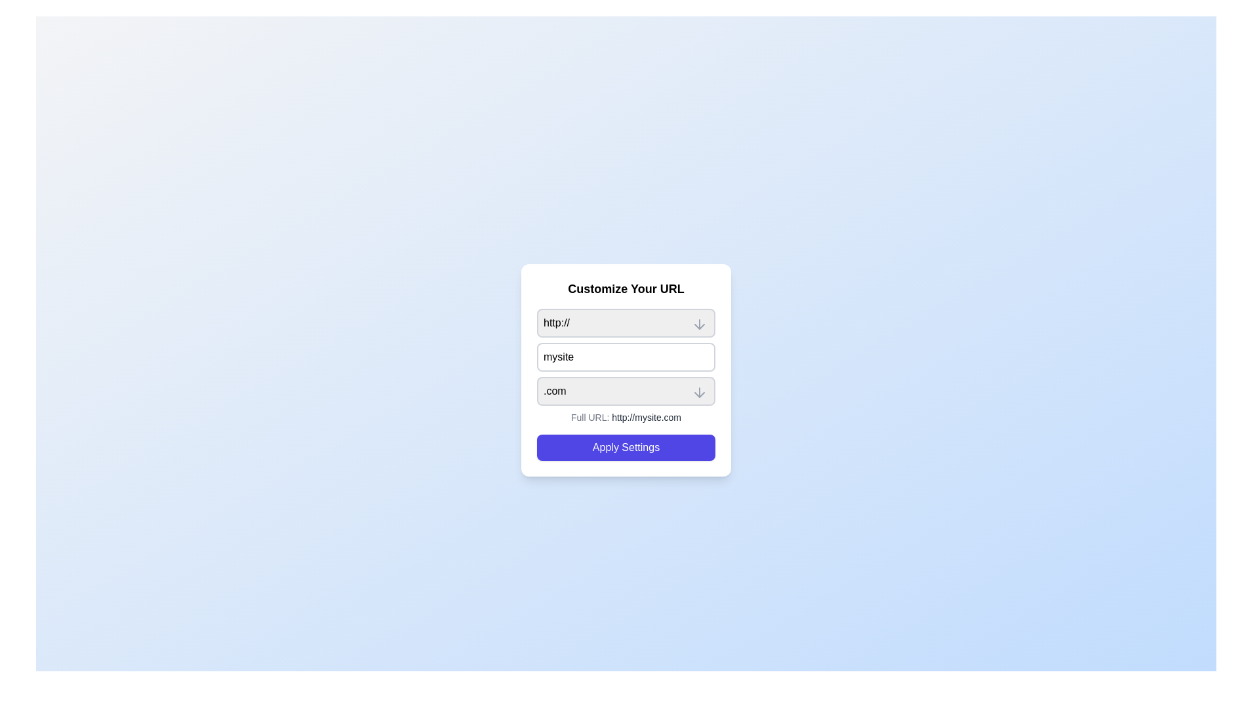 The width and height of the screenshot is (1259, 708). What do you see at coordinates (626, 370) in the screenshot?
I see `the text input field located in the center of the layout, which allows the user to input or modify the main part of a URL, to focus on it` at bounding box center [626, 370].